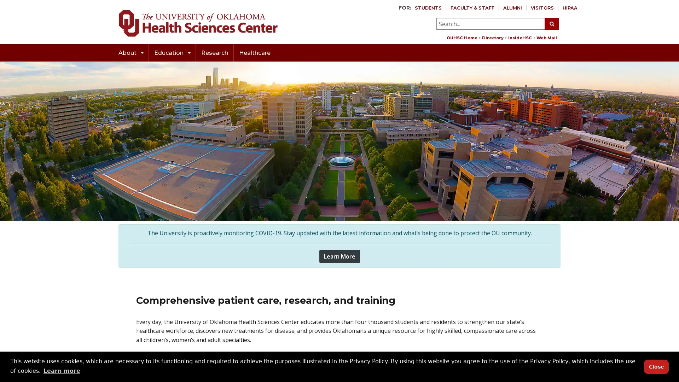  I want to click on dismiss cookie message, so click(656, 366).